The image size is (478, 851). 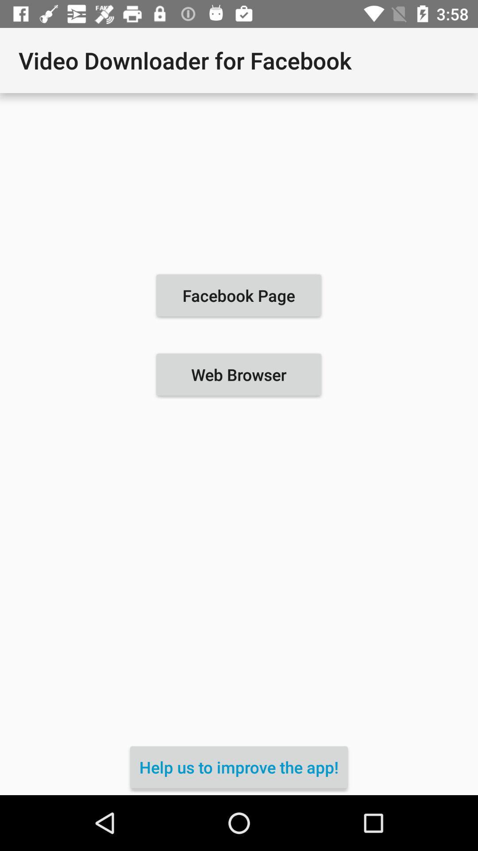 I want to click on help us to, so click(x=239, y=767).